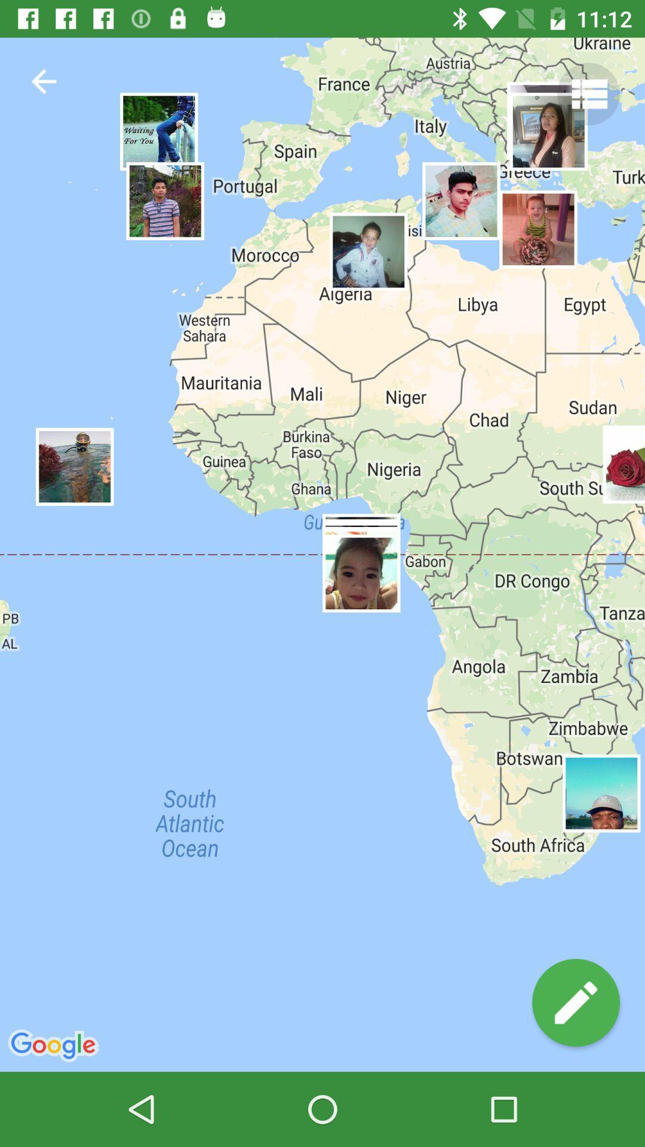 This screenshot has height=1147, width=645. I want to click on write comment, so click(575, 1002).